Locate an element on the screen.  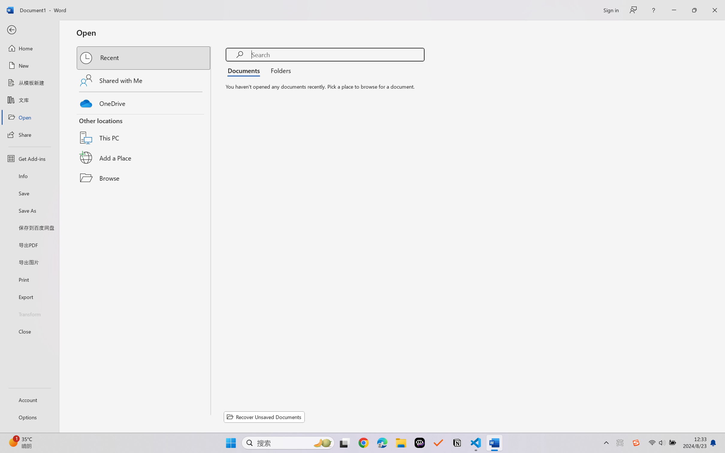
'Recent' is located at coordinates (144, 58).